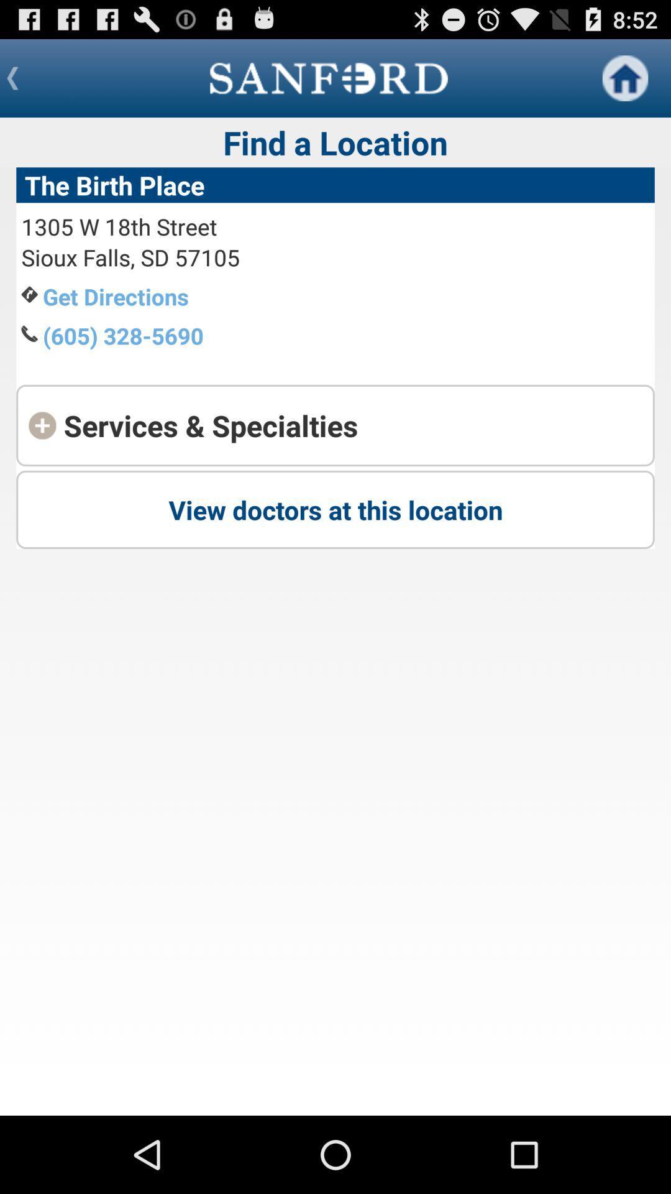 The height and width of the screenshot is (1194, 671). What do you see at coordinates (116, 295) in the screenshot?
I see `get directions app` at bounding box center [116, 295].